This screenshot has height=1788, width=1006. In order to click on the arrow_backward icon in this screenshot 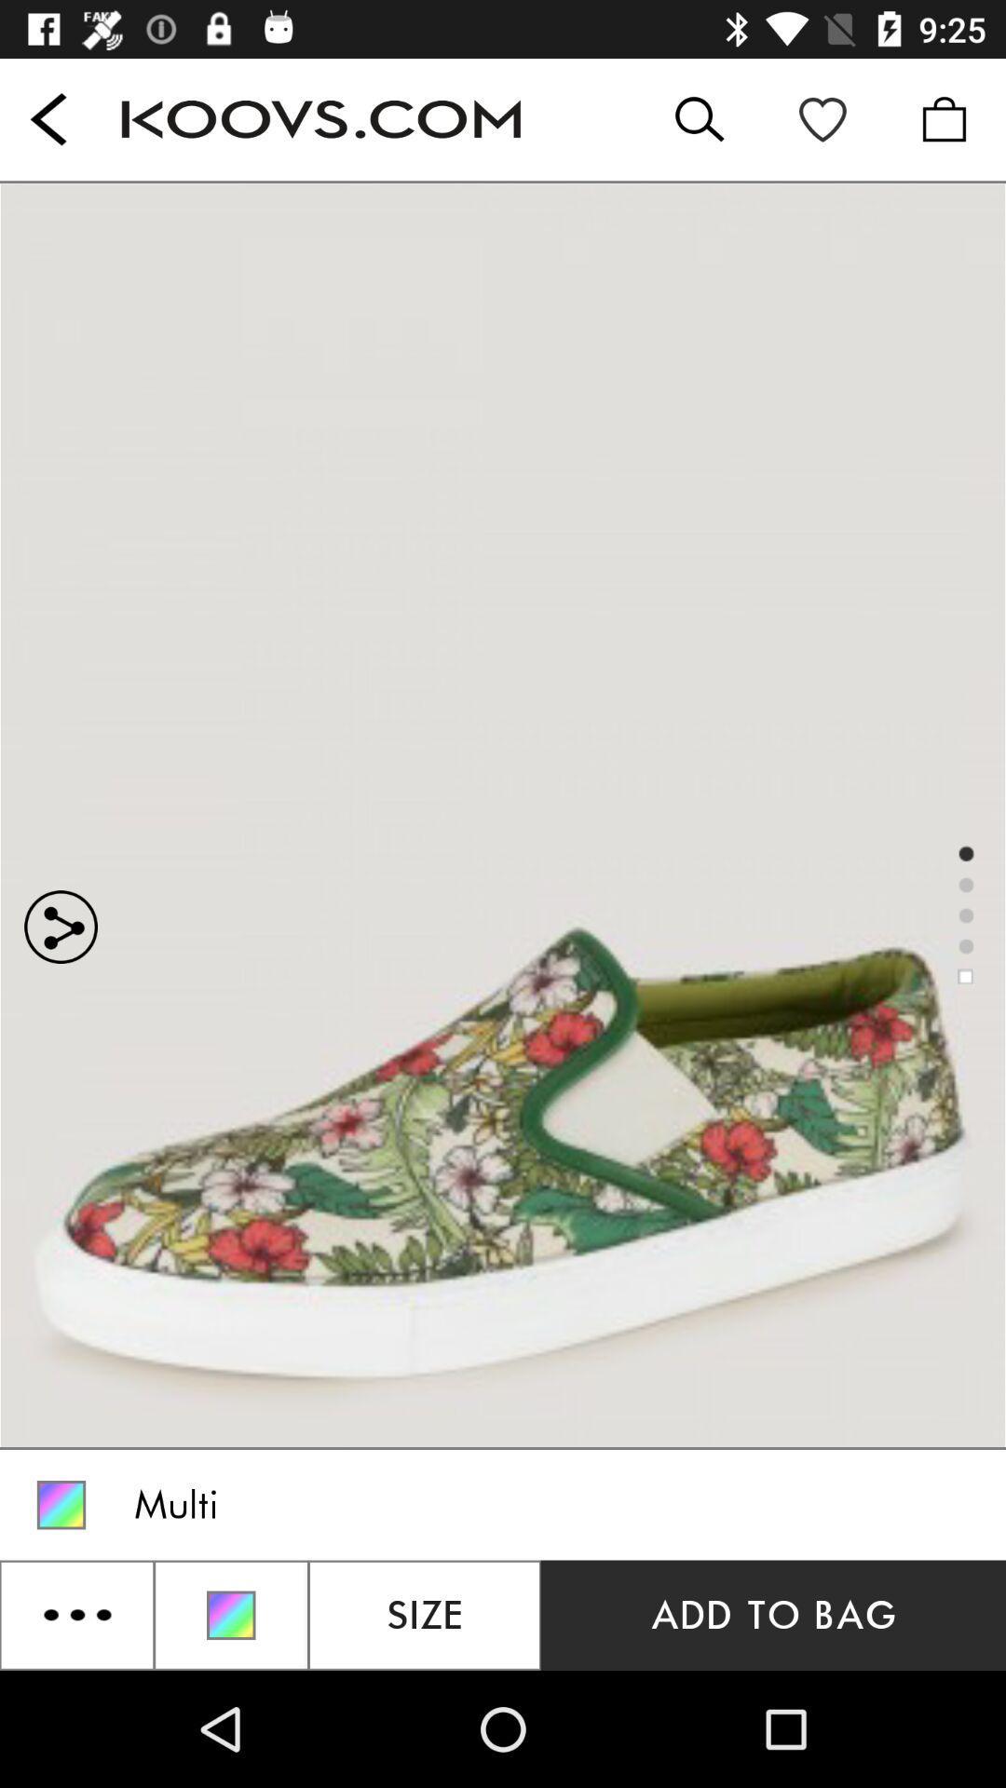, I will do `click(48, 118)`.